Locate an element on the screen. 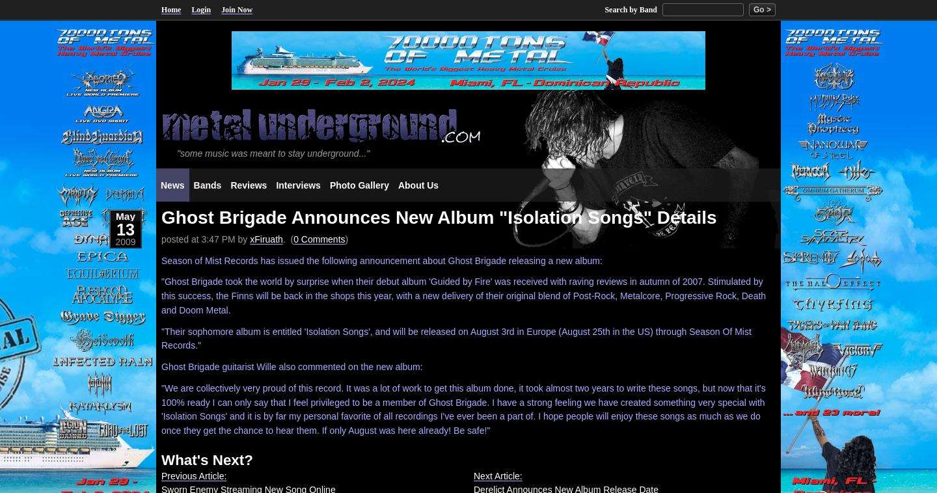 The image size is (937, 493). 'News' is located at coordinates (171, 185).